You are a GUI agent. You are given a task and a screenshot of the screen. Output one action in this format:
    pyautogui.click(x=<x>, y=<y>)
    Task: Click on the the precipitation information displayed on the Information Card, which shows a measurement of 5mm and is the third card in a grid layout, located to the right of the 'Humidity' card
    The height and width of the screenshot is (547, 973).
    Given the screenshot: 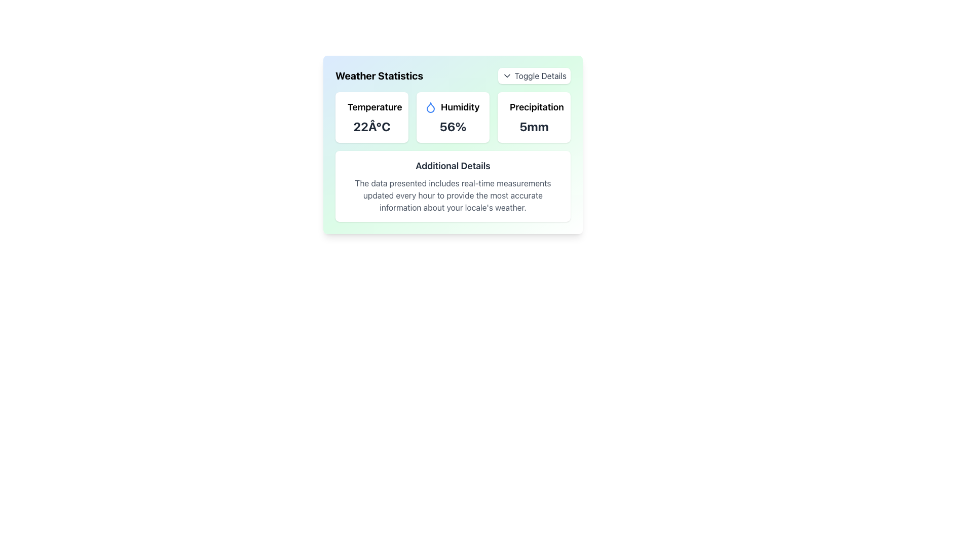 What is the action you would take?
    pyautogui.click(x=534, y=116)
    